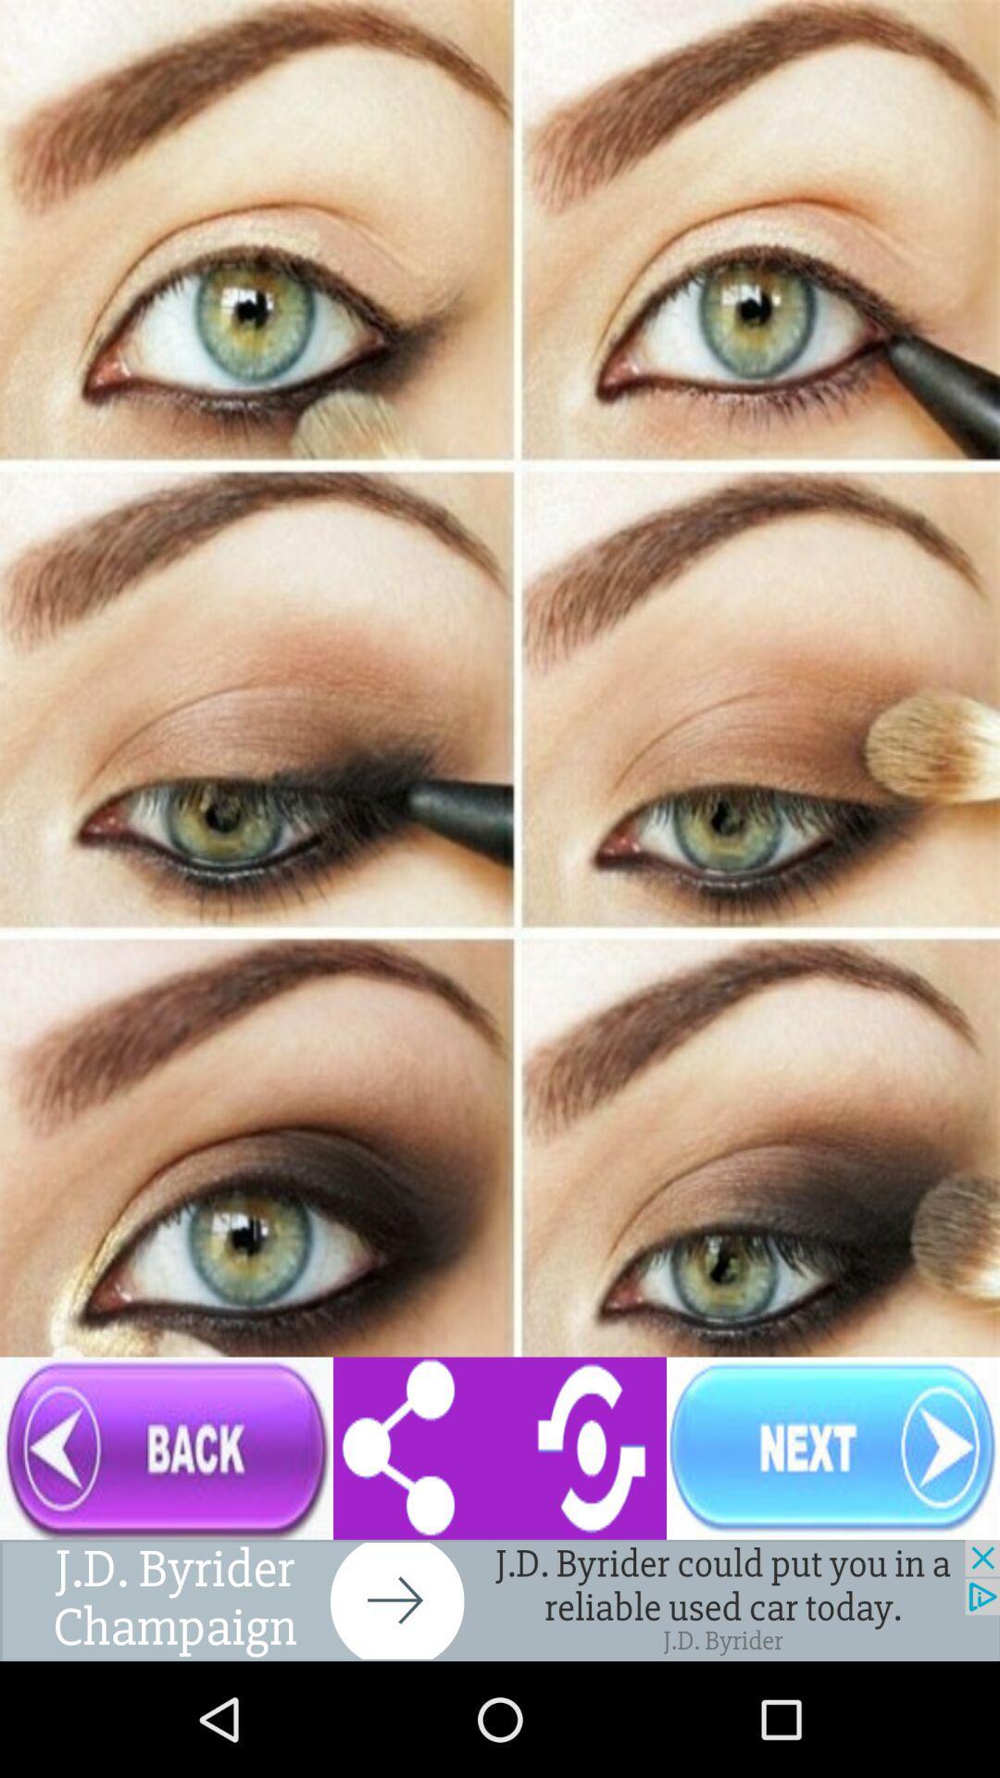 Image resolution: width=1000 pixels, height=1778 pixels. I want to click on the advertising website, so click(500, 1599).